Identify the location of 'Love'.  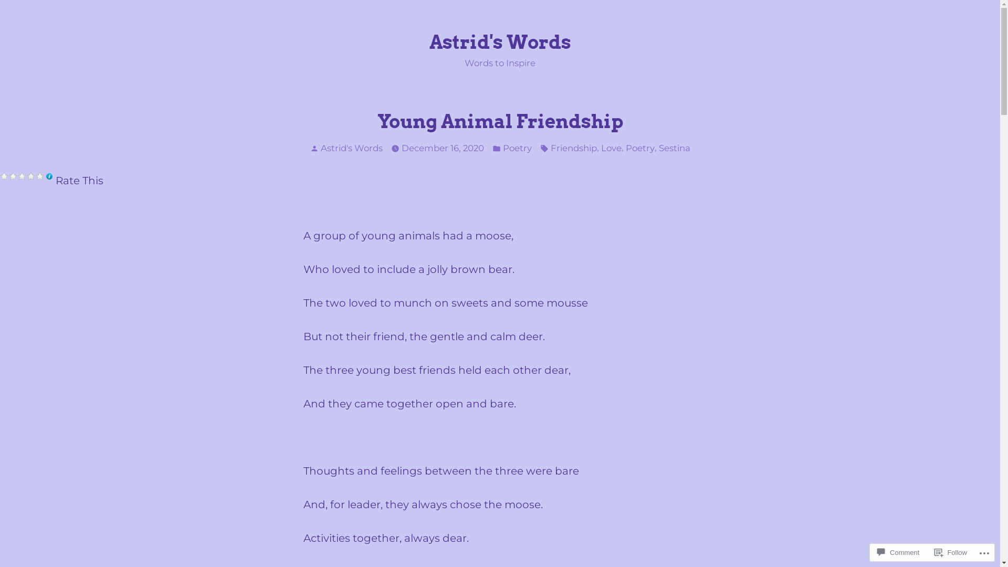
(611, 148).